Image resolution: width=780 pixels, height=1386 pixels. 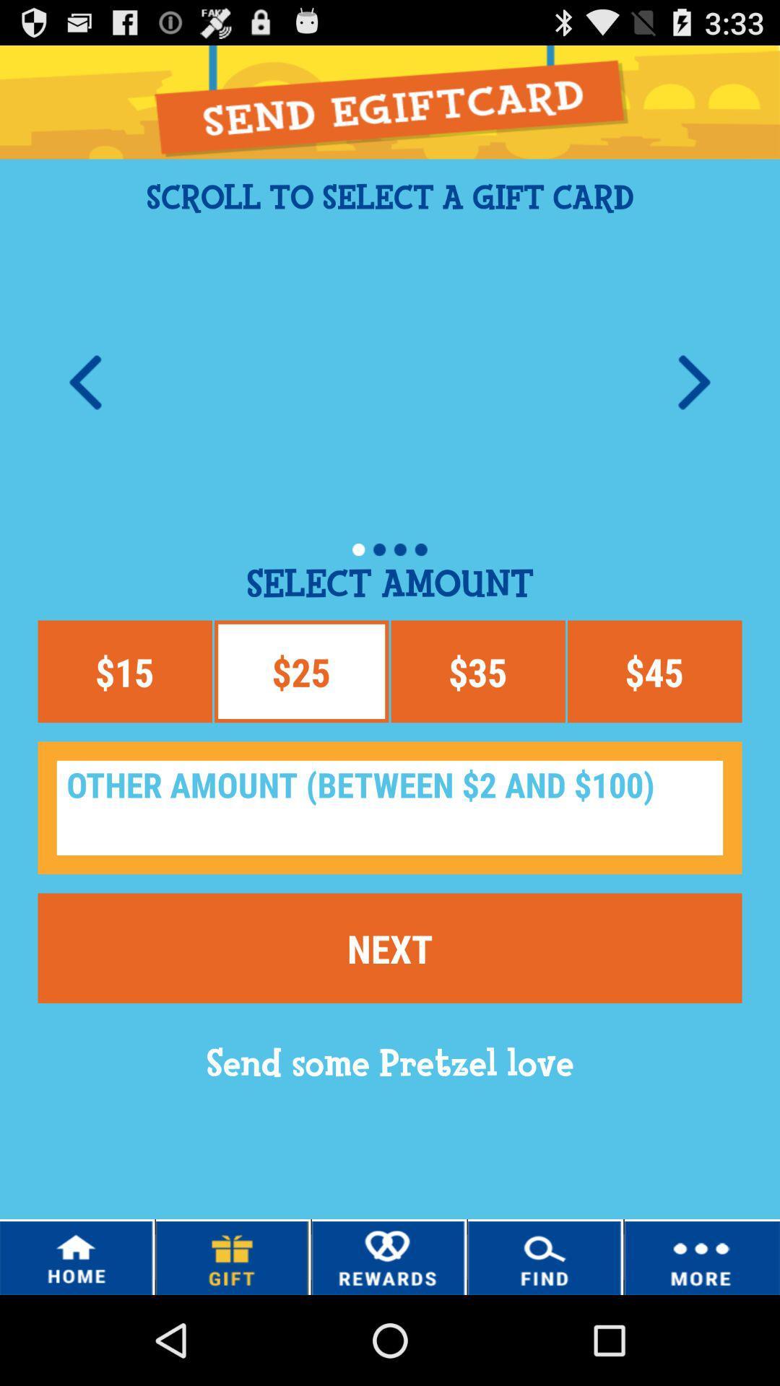 I want to click on the arrow_backward icon, so click(x=85, y=408).